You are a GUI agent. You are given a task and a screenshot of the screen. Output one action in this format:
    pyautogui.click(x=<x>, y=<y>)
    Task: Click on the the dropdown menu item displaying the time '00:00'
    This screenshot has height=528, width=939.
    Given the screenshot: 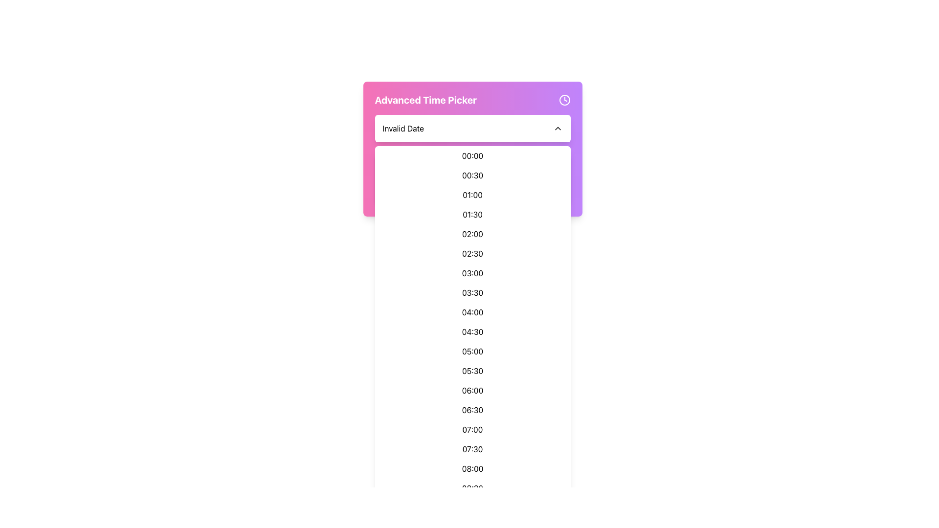 What is the action you would take?
    pyautogui.click(x=472, y=155)
    